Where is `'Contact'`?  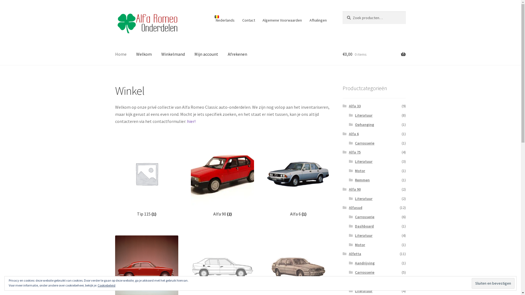 'Contact' is located at coordinates (248, 20).